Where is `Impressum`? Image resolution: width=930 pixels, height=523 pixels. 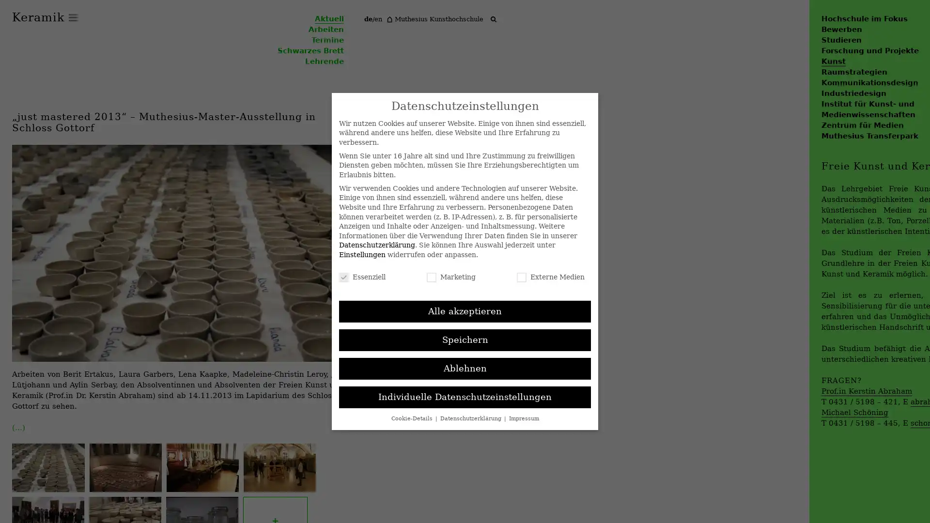 Impressum is located at coordinates (523, 417).